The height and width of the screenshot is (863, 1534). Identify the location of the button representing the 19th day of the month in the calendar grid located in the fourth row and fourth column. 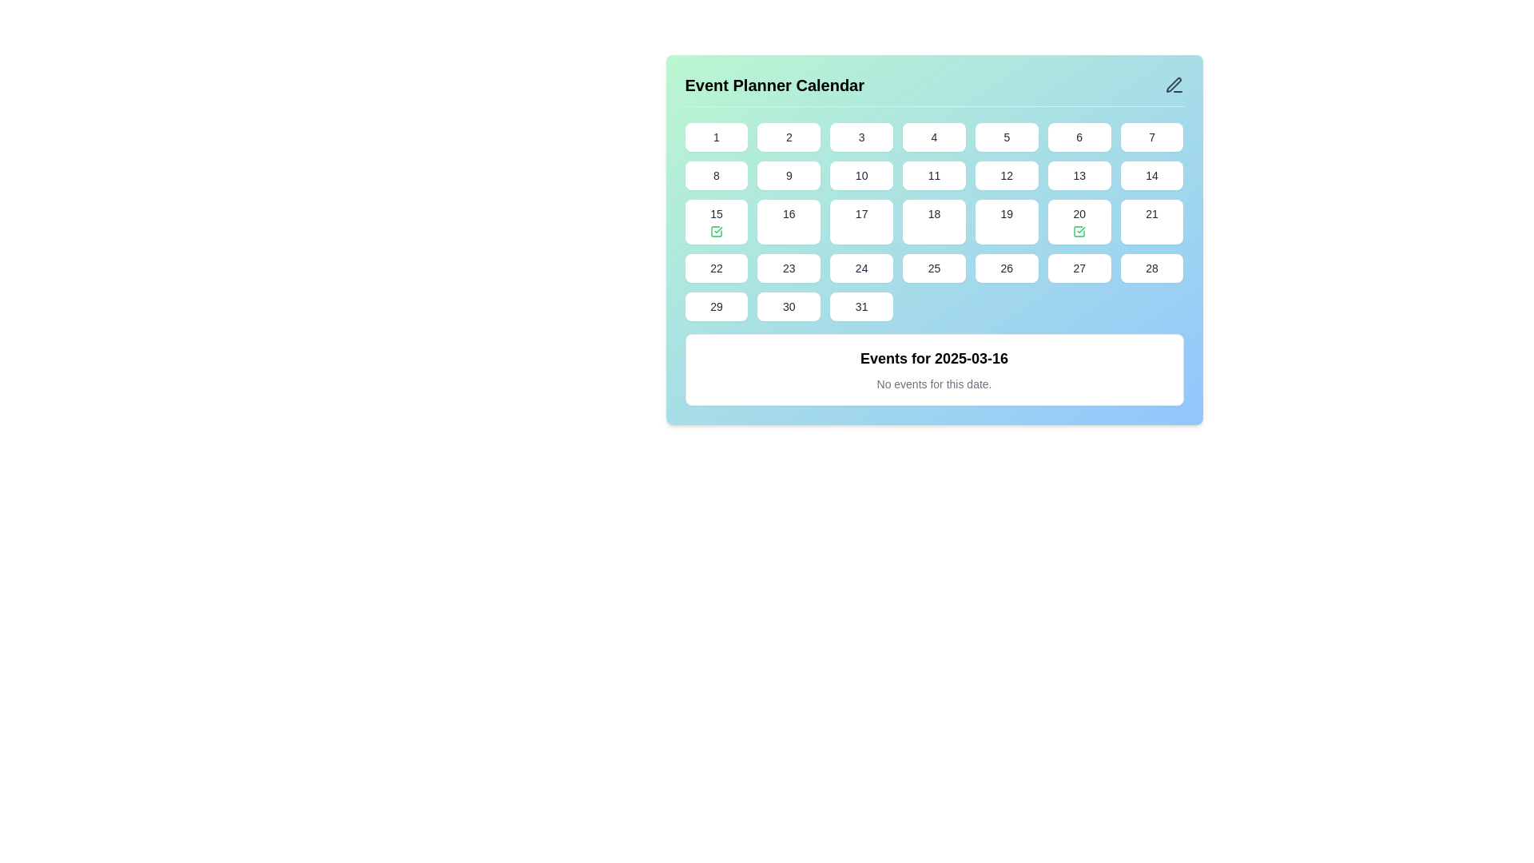
(1006, 221).